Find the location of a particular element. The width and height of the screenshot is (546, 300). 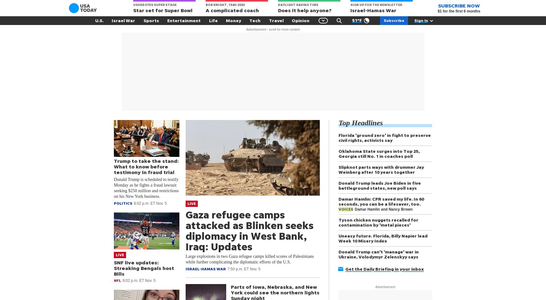

'Donald Trump can't 'manage' war in Ukraine, Volodymyr Zelenskyy says' is located at coordinates (378, 254).